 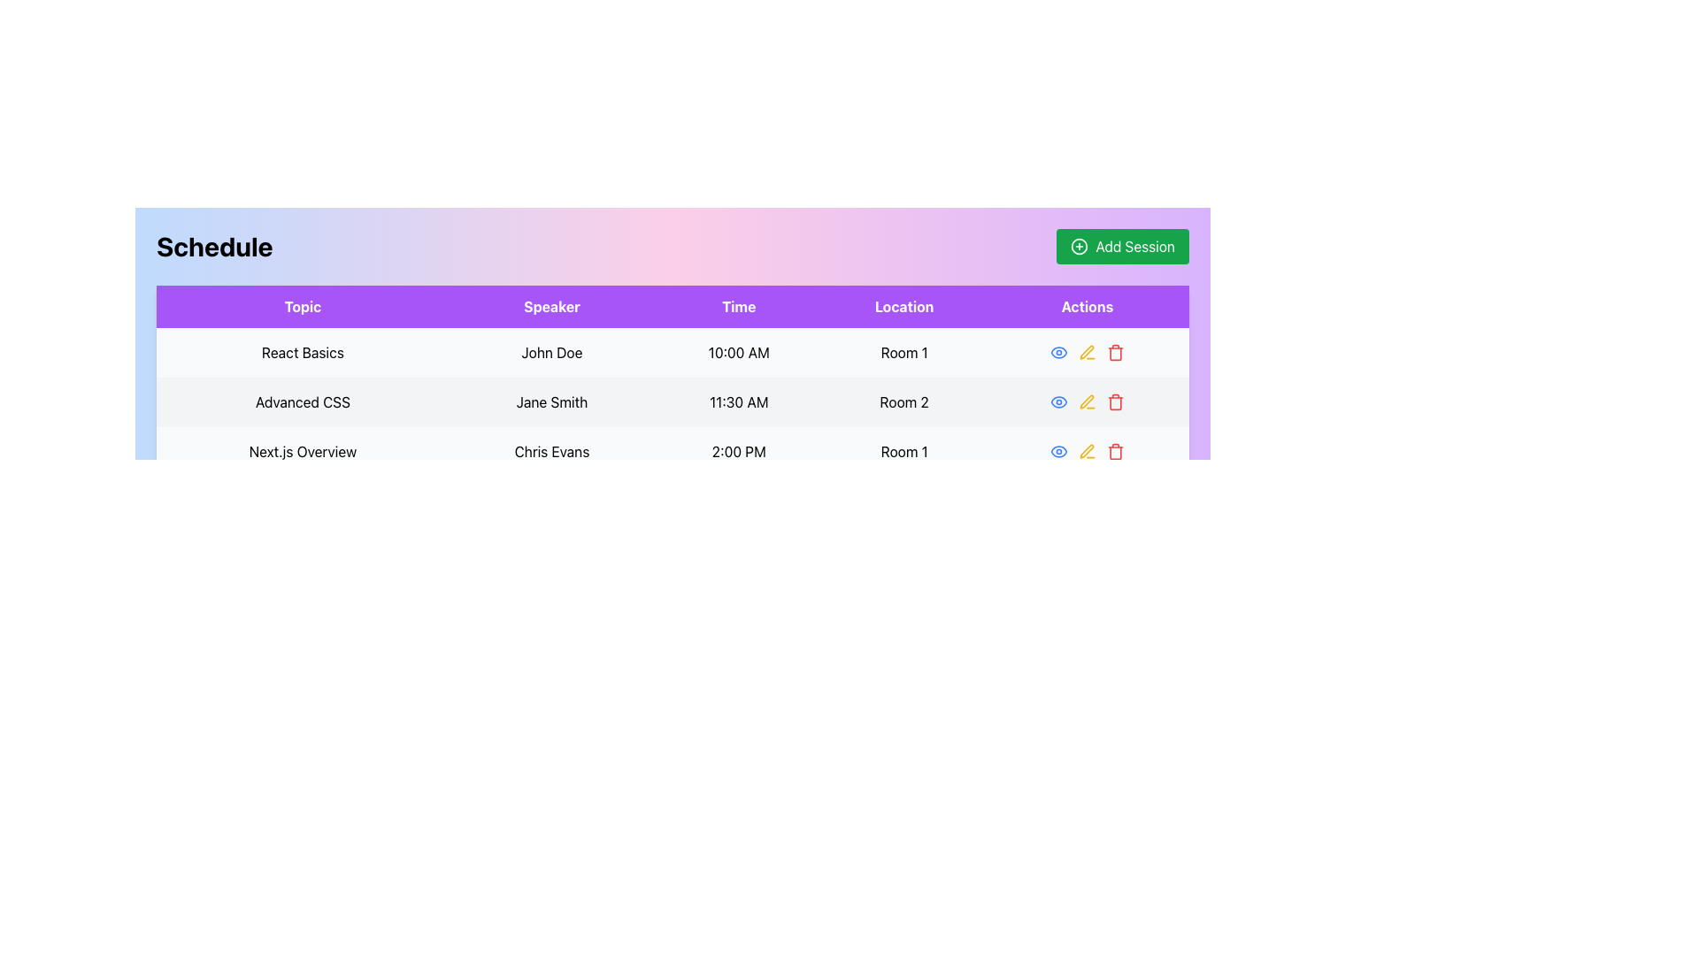 What do you see at coordinates (1058, 352) in the screenshot?
I see `the circular blue icon with a white eye symbol located in the third row under the 'Actions' column` at bounding box center [1058, 352].